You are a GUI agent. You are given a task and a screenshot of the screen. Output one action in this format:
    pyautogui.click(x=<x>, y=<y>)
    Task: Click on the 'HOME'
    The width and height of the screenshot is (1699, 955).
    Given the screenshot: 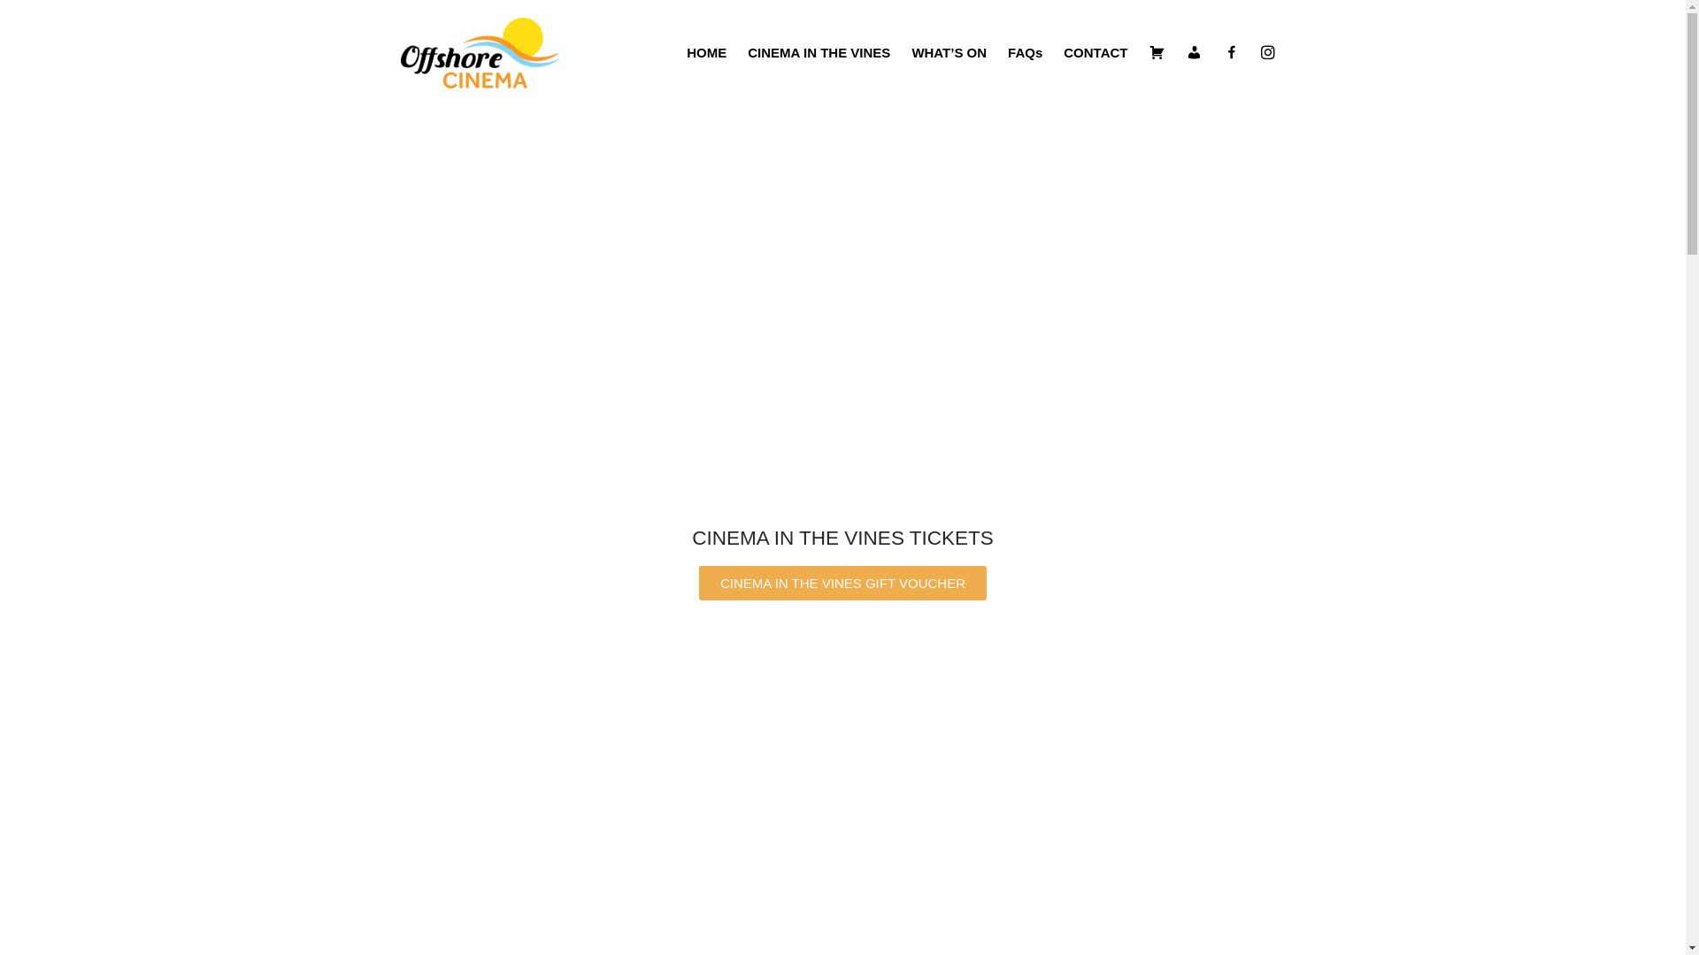 What is the action you would take?
    pyautogui.click(x=705, y=52)
    